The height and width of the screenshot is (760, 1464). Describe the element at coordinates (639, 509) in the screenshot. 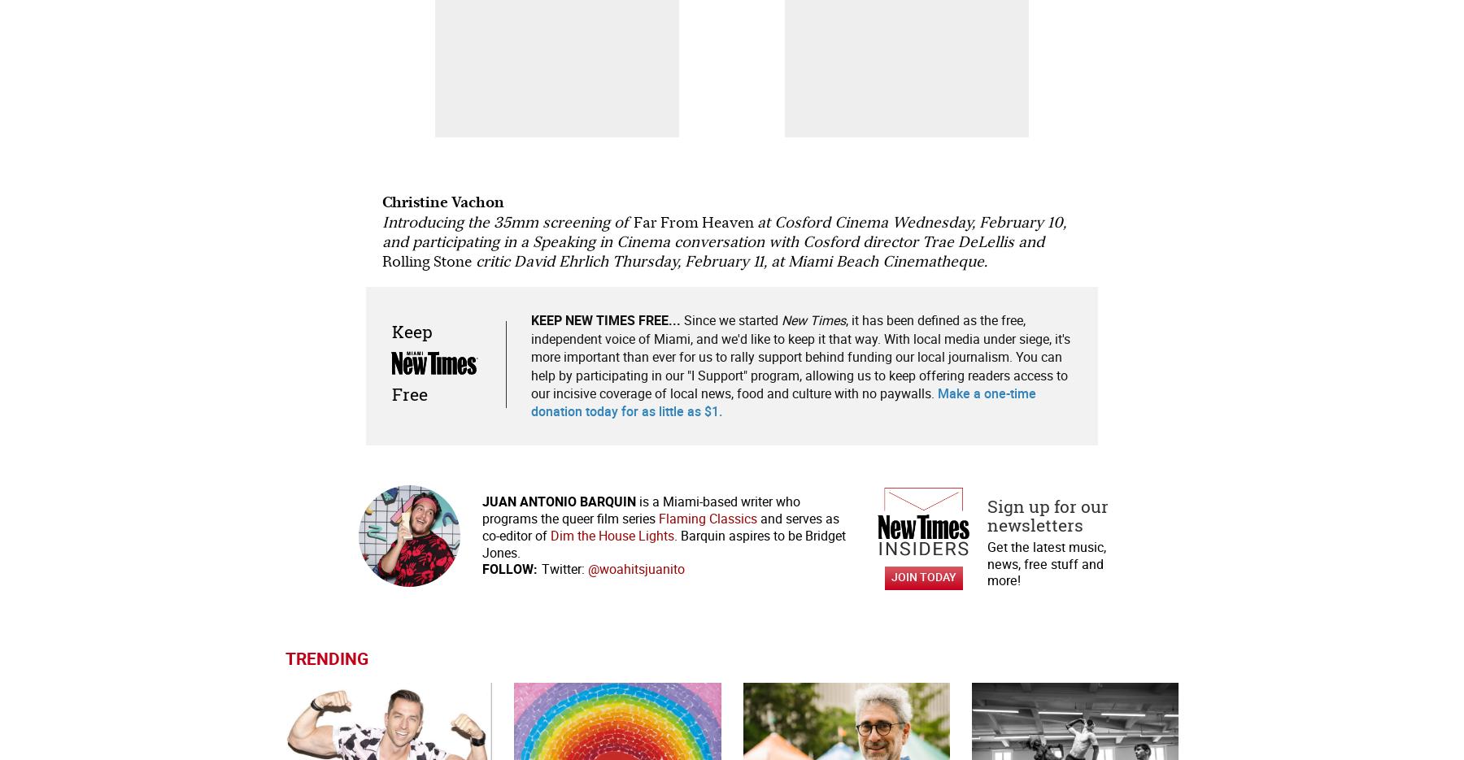

I see `'is a Miami-based writer who programs the queer film series'` at that location.